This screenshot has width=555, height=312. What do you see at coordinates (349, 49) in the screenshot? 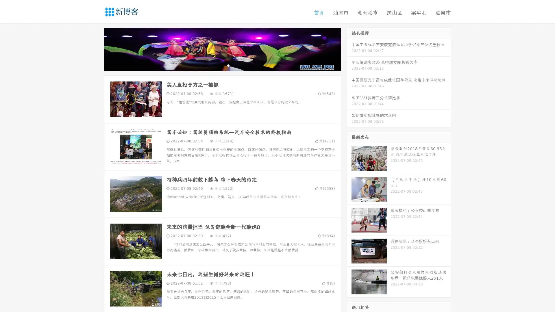
I see `Next slide` at bounding box center [349, 49].